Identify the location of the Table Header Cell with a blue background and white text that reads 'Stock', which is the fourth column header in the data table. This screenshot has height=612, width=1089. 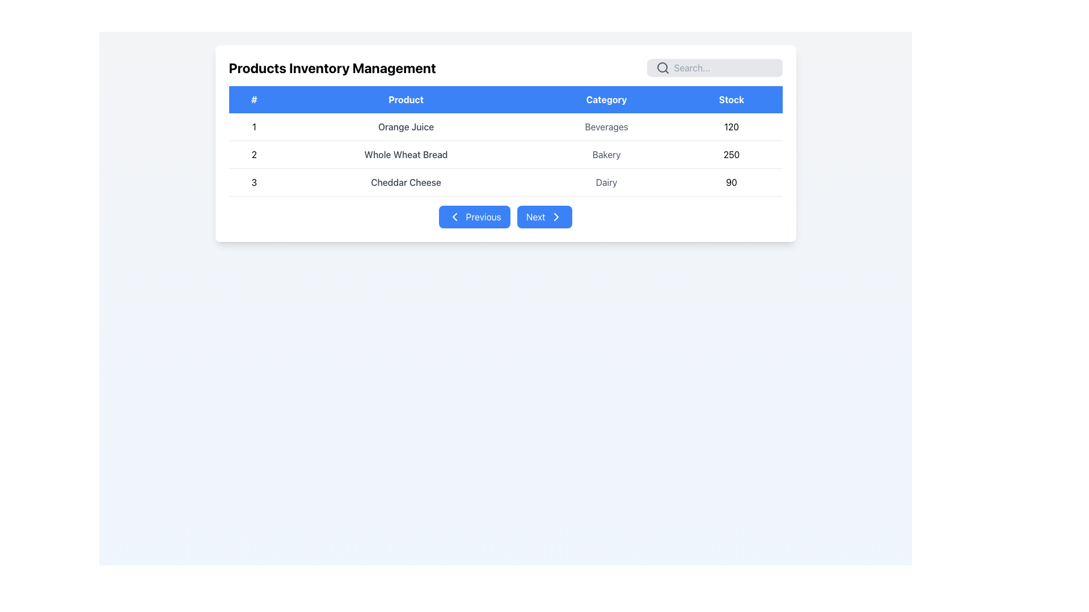
(731, 99).